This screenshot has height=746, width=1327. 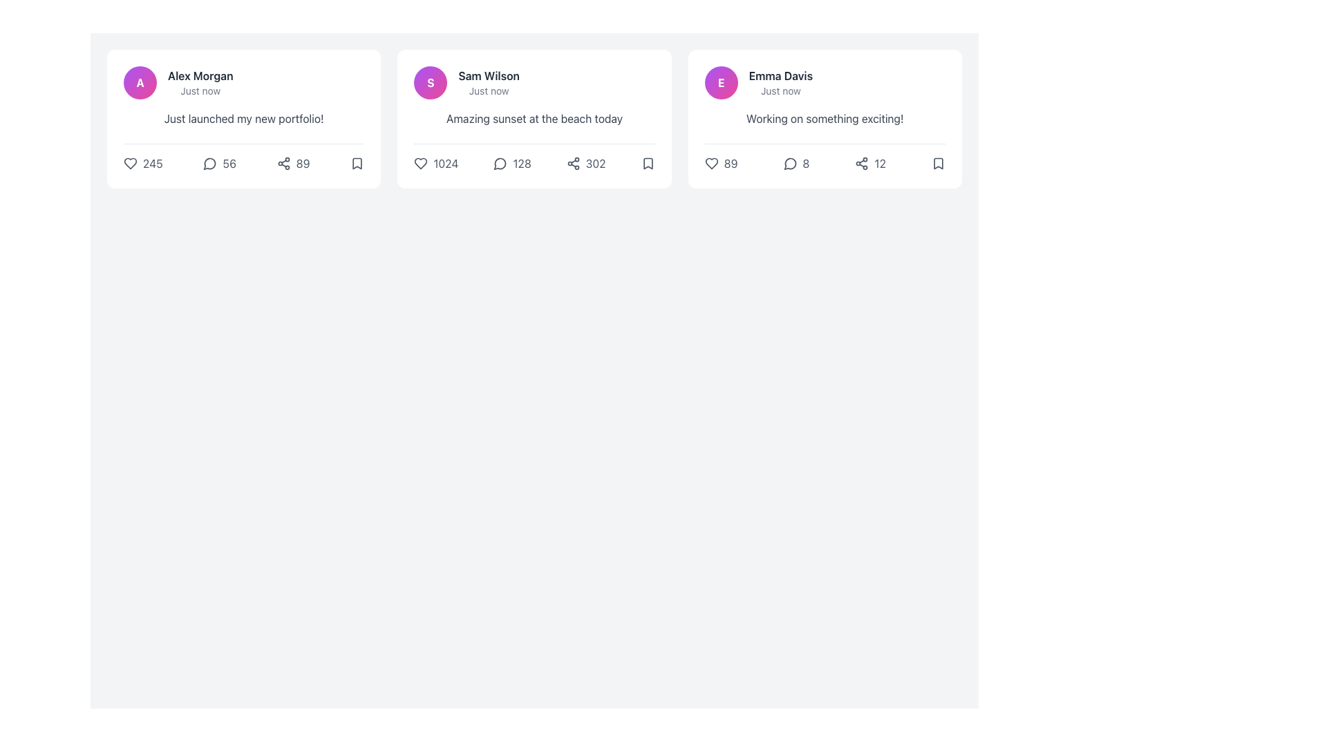 What do you see at coordinates (780, 82) in the screenshot?
I see `the author identifier and time label of the post, which is a bold text displaying the author's name and smaller text indicating the posting time, located in the third column of a card layout, to the right of the card containing 'Sam Wilson'` at bounding box center [780, 82].